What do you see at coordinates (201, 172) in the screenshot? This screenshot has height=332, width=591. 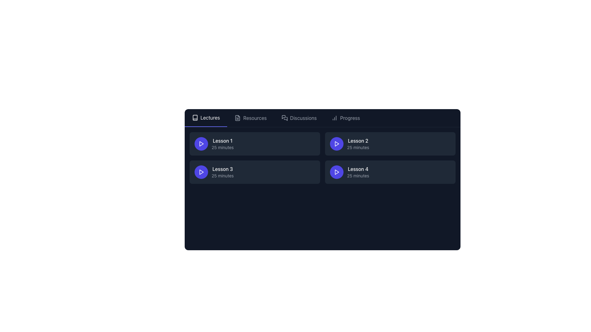 I see `the triangular play icon button with a white outline inside an indigo circular background, located next to the text description of 'Lesson 3' in the third row` at bounding box center [201, 172].